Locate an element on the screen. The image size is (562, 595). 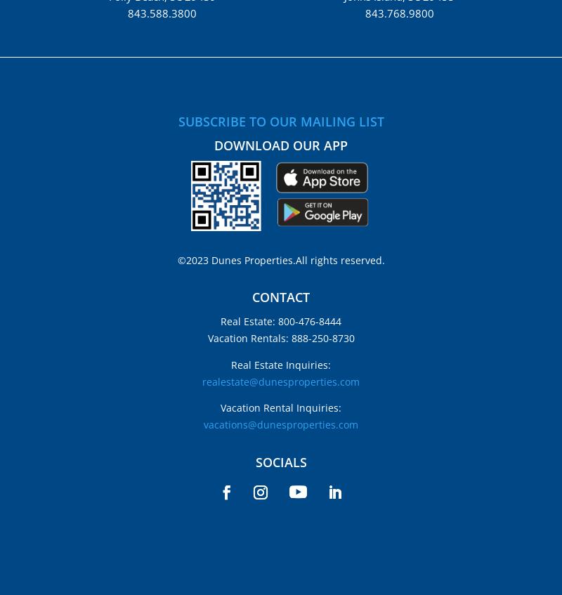
'CONTACT' is located at coordinates (251, 296).